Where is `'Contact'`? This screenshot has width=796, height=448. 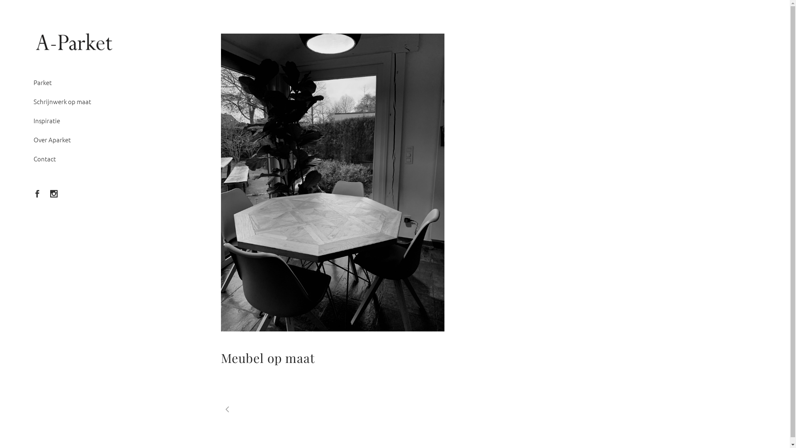 'Contact' is located at coordinates (33, 158).